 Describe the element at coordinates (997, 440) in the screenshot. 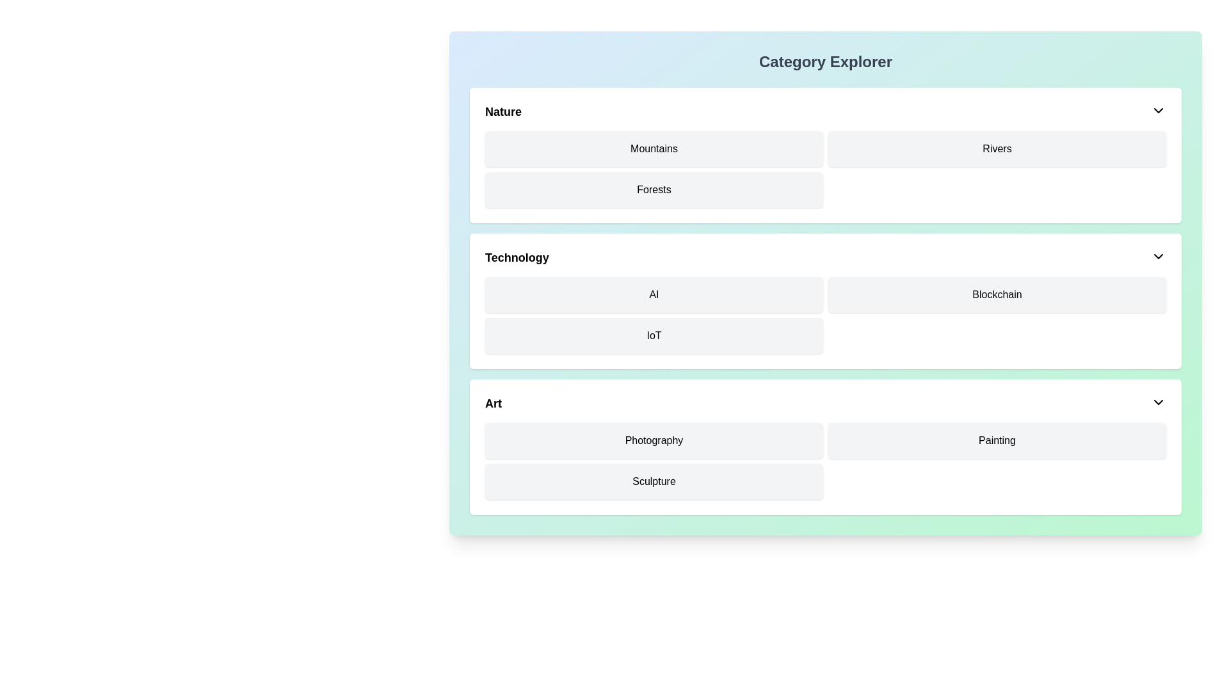

I see `the text label displaying 'Painting' in black font on a light gray background, located in the third column of the second row under the 'Art' category` at that location.